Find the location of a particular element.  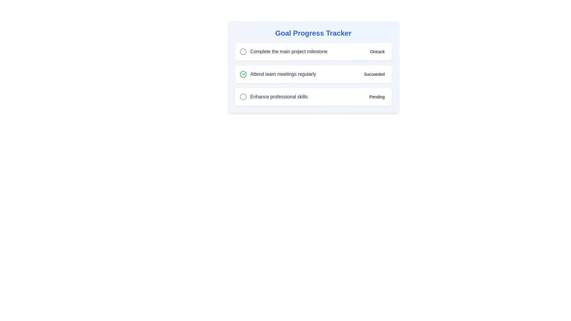

the success indicator icon located to the left of the second list item labeled 'Attend team meetings regularly' is located at coordinates (243, 74).